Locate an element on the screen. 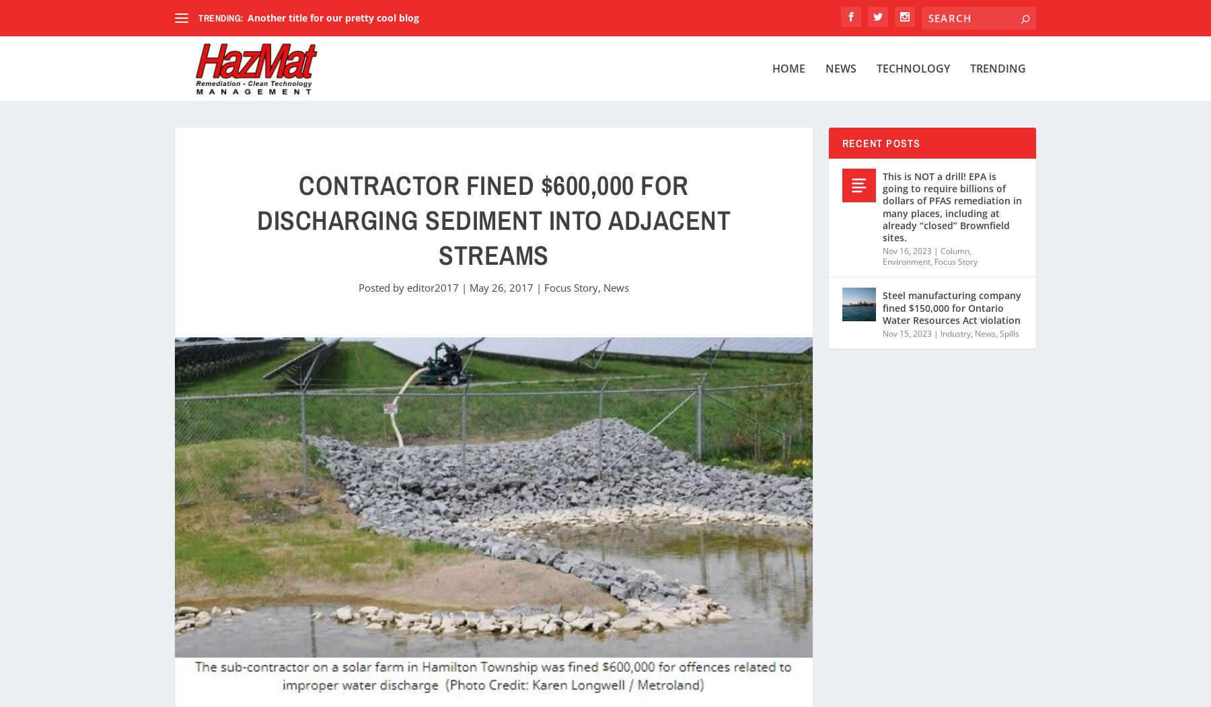  'Recent Posts' is located at coordinates (881, 143).